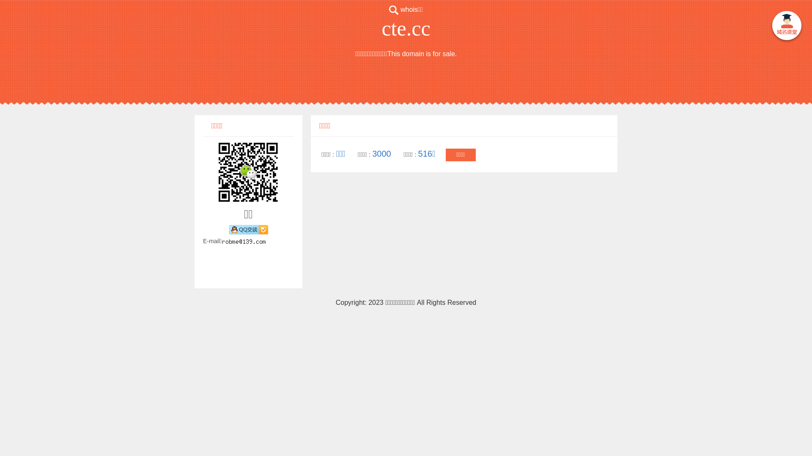 The height and width of the screenshot is (456, 812). I want to click on ' ', so click(786, 26).